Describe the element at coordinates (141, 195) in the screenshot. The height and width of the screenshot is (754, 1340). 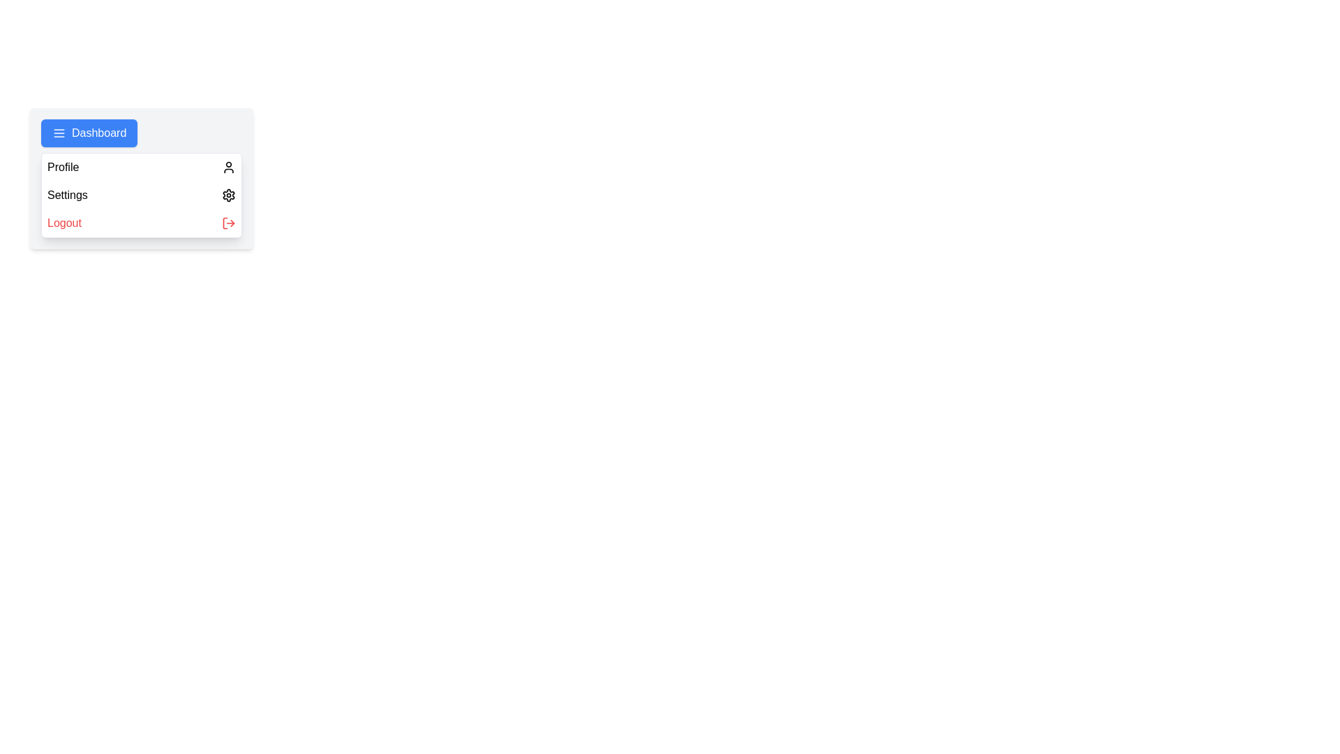
I see `the 'Settings' menu item to select it` at that location.